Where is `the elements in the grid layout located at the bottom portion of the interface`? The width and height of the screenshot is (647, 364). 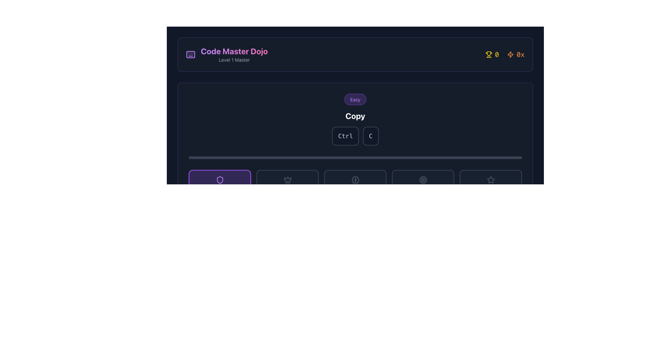 the elements in the grid layout located at the bottom portion of the interface is located at coordinates (355, 179).